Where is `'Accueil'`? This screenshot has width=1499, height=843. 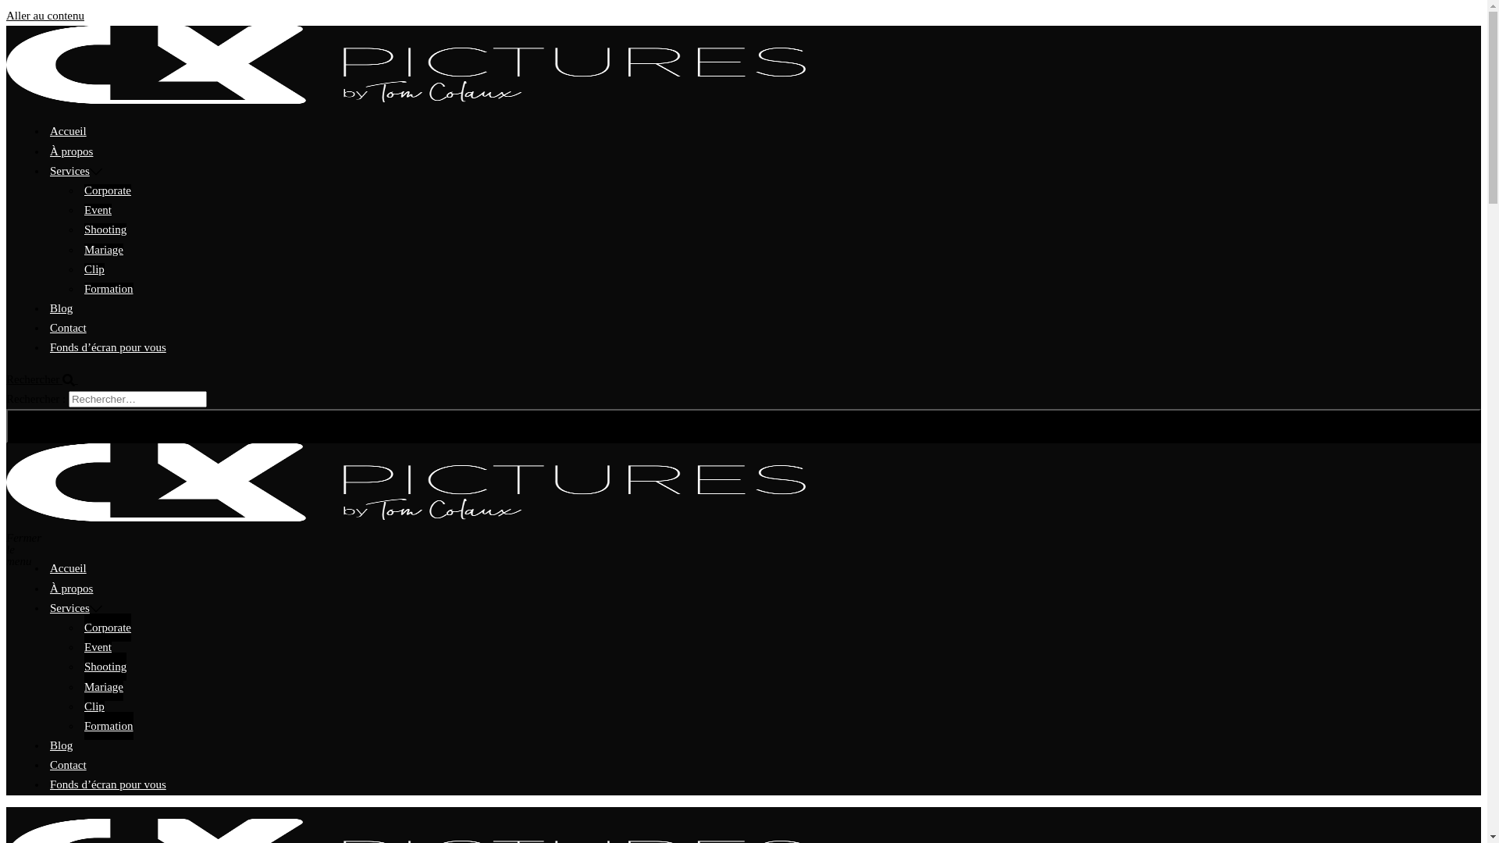
'Accueil' is located at coordinates (49, 130).